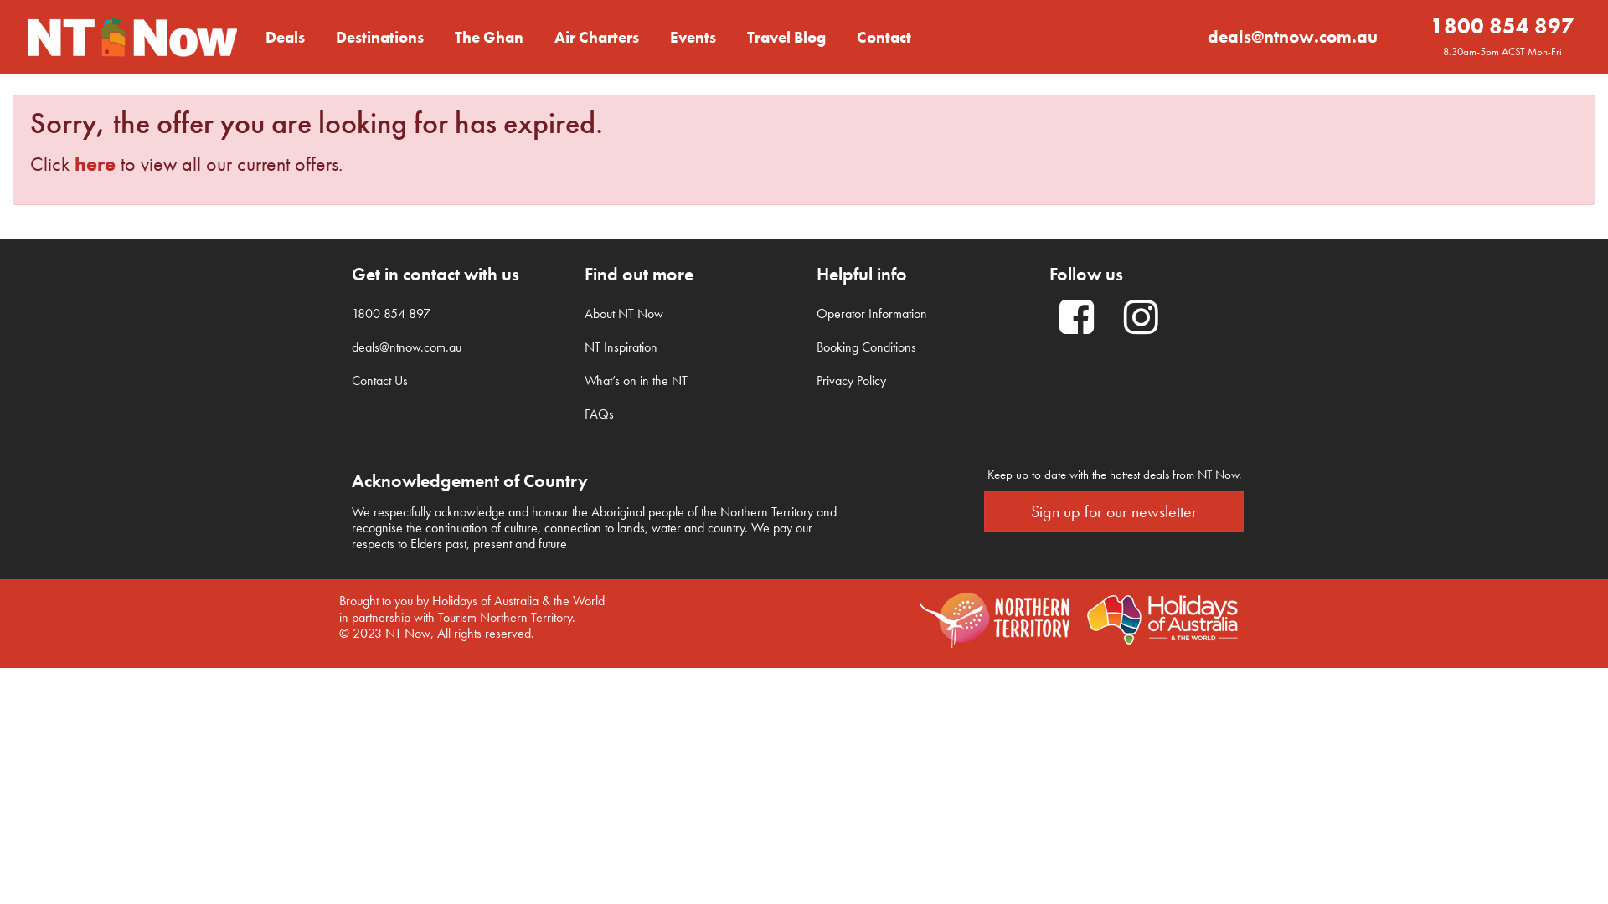 This screenshot has height=904, width=1608. What do you see at coordinates (622, 313) in the screenshot?
I see `'About NT Now'` at bounding box center [622, 313].